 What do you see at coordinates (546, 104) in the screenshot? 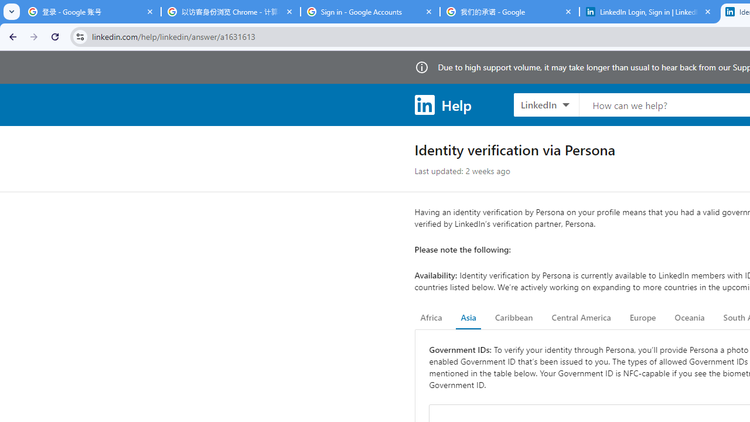
I see `'LinkedIn products to search, LinkedIn selected'` at bounding box center [546, 104].